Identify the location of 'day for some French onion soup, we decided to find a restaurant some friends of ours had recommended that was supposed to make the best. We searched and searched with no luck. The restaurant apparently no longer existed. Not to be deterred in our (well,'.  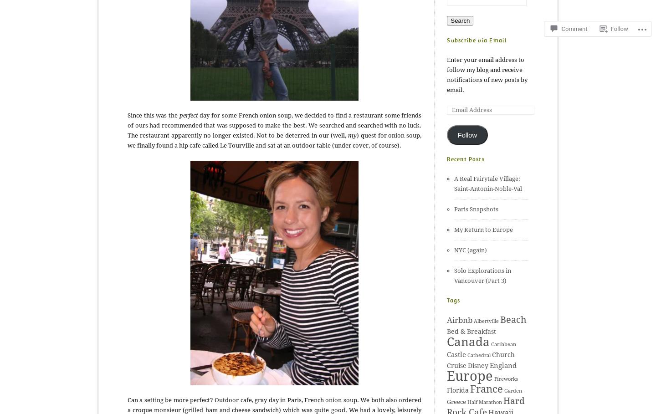
(274, 125).